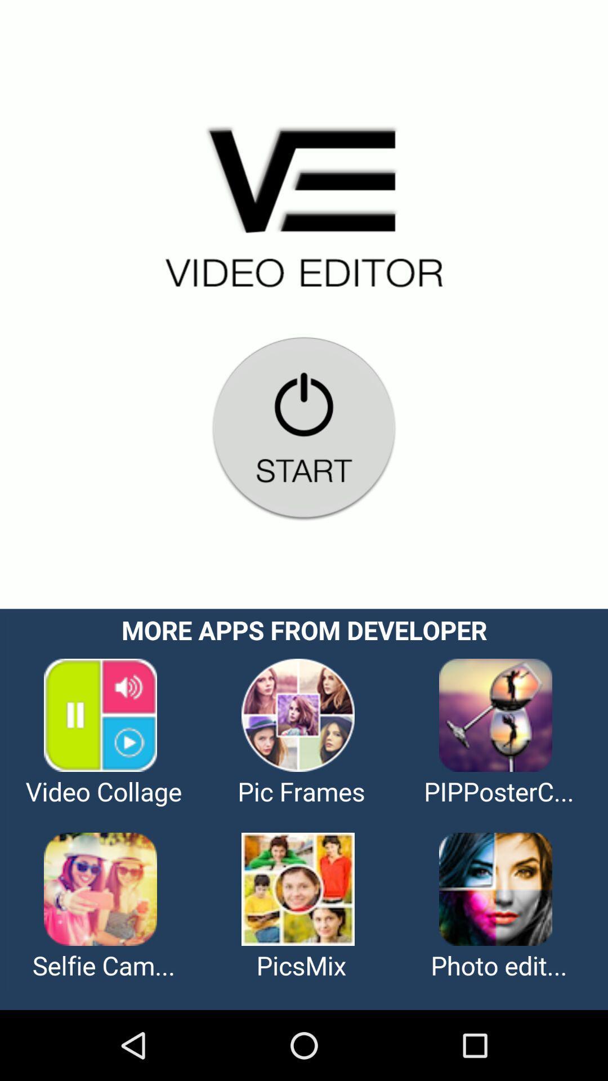 The height and width of the screenshot is (1081, 608). What do you see at coordinates (304, 808) in the screenshot?
I see `the advertisement` at bounding box center [304, 808].